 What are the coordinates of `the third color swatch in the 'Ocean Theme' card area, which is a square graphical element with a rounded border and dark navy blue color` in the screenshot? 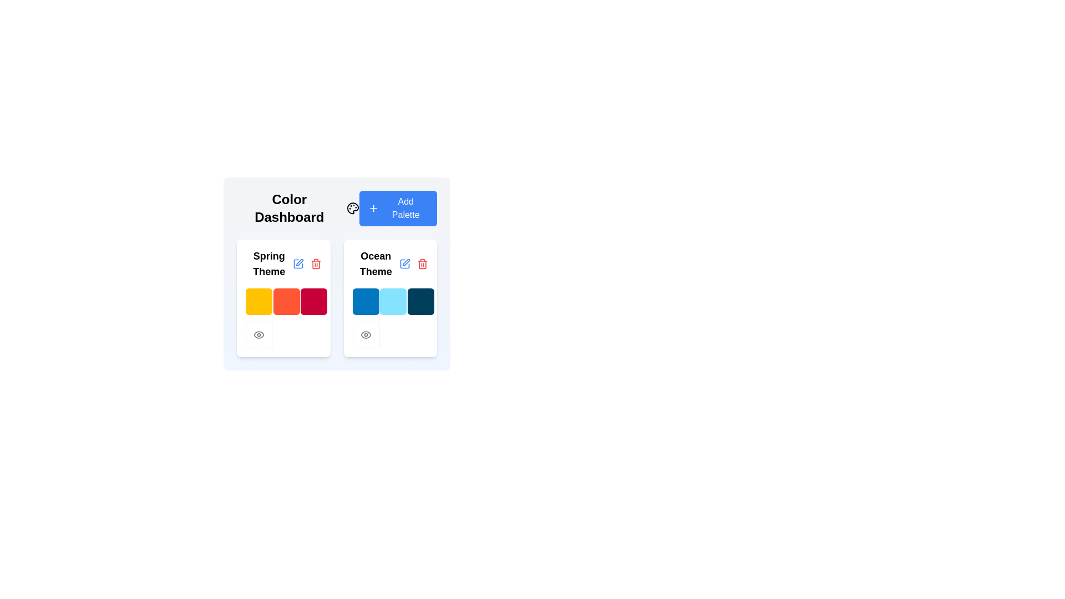 It's located at (420, 301).